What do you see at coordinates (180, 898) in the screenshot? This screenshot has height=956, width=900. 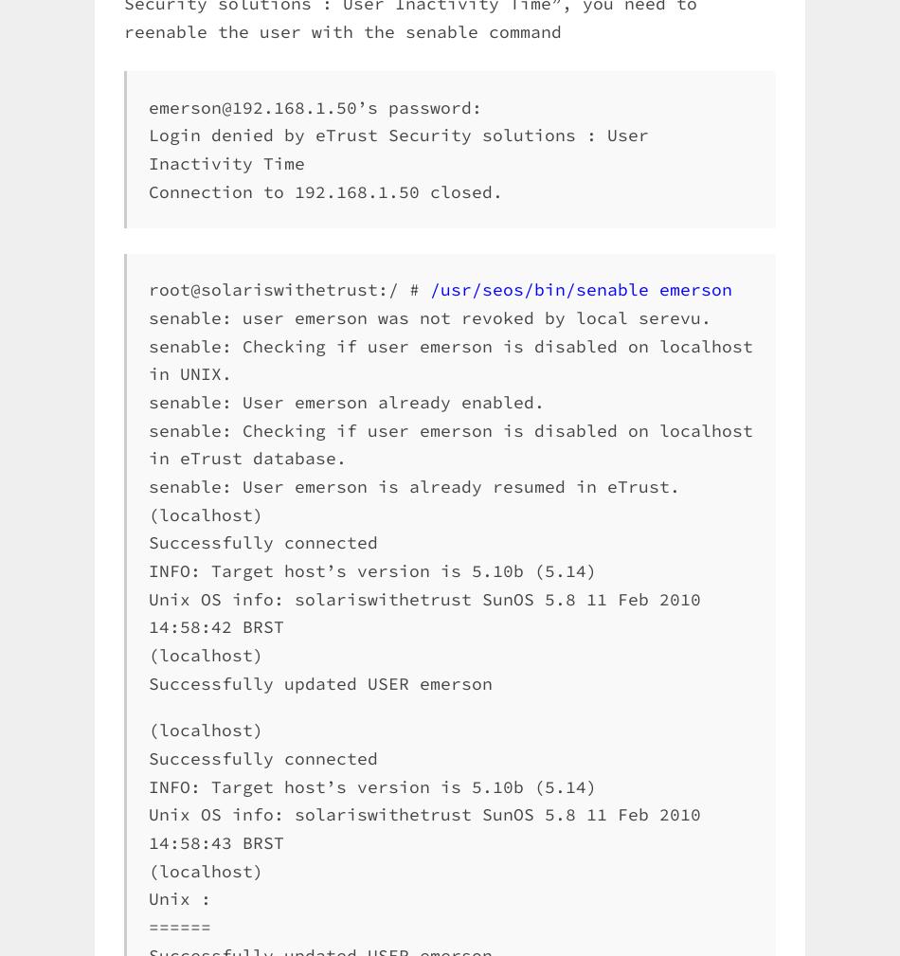 I see `'Unix :'` at bounding box center [180, 898].